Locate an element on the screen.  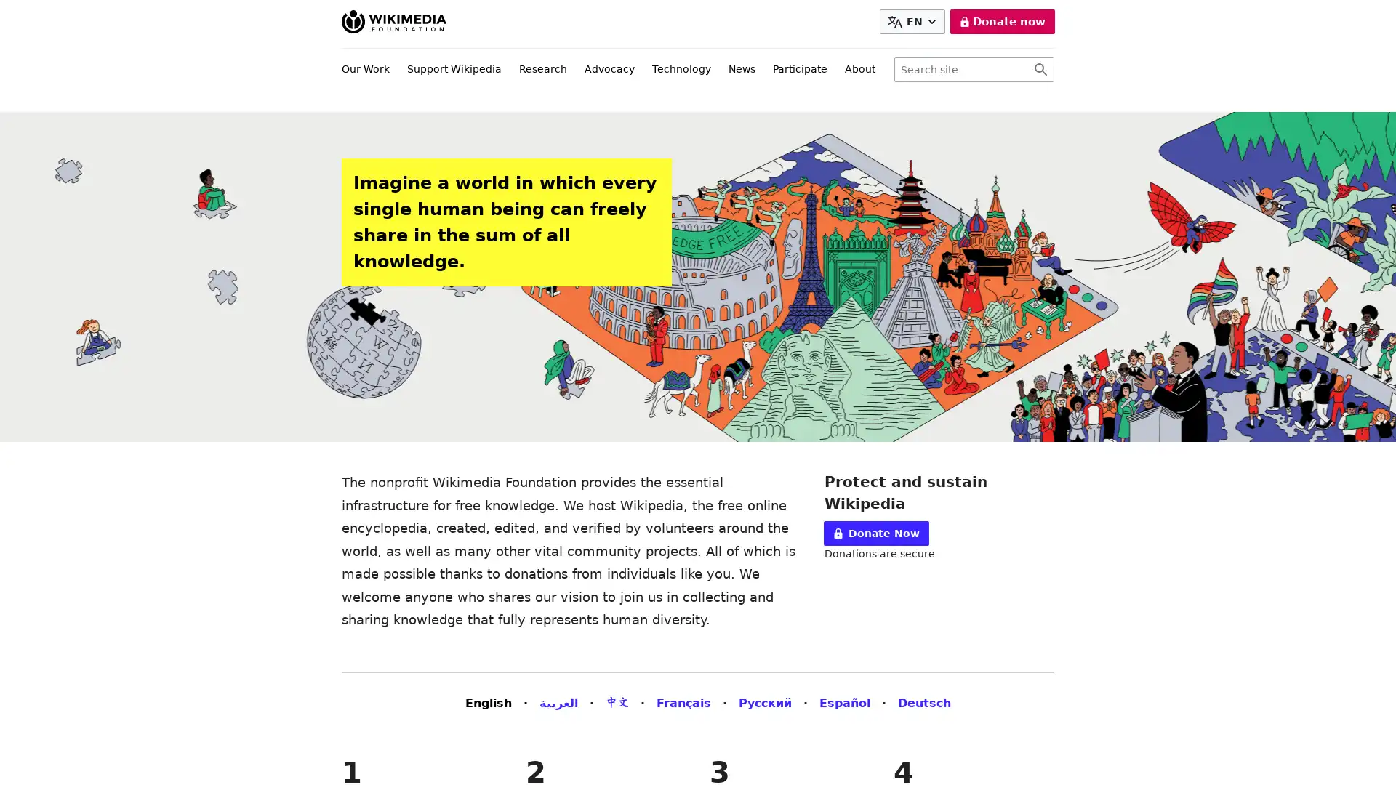
CURRENT LANGUAGE: EN is located at coordinates (914, 22).